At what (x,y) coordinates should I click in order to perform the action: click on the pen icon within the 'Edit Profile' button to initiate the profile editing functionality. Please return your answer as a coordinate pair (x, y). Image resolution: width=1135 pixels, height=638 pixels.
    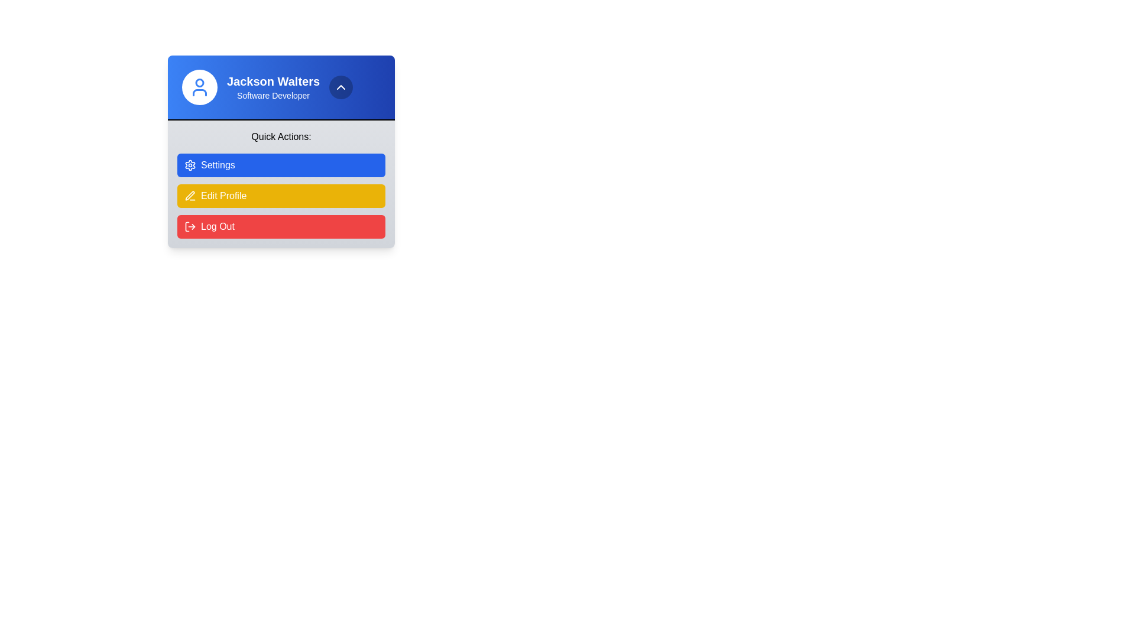
    Looking at the image, I should click on (190, 195).